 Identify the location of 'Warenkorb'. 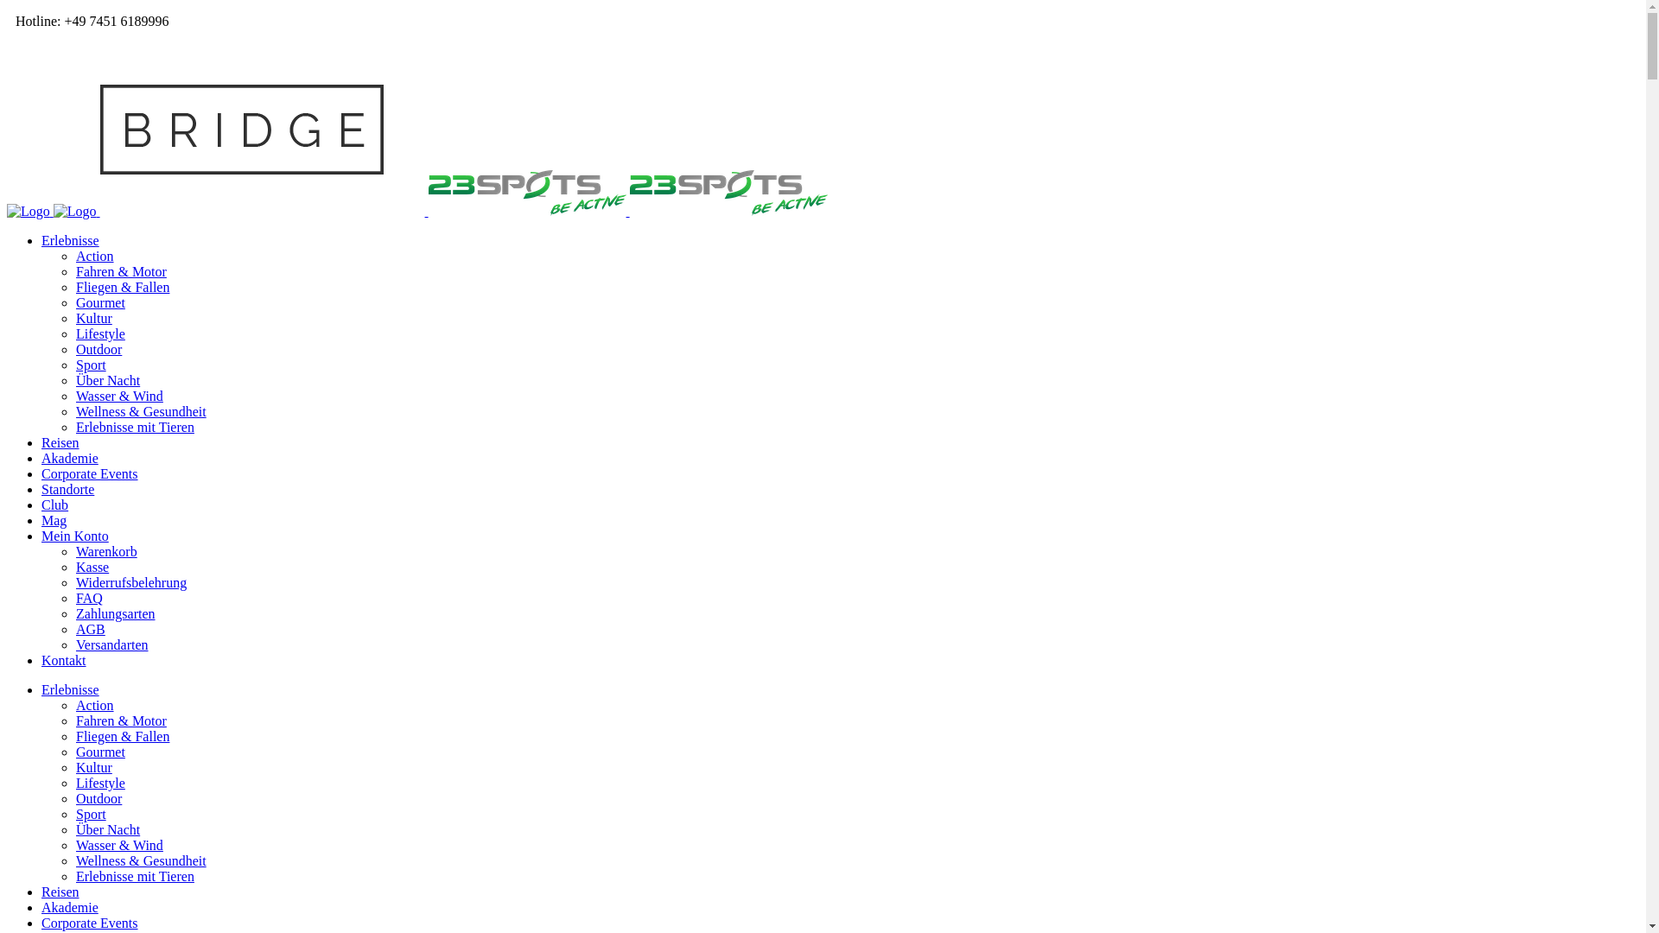
(105, 551).